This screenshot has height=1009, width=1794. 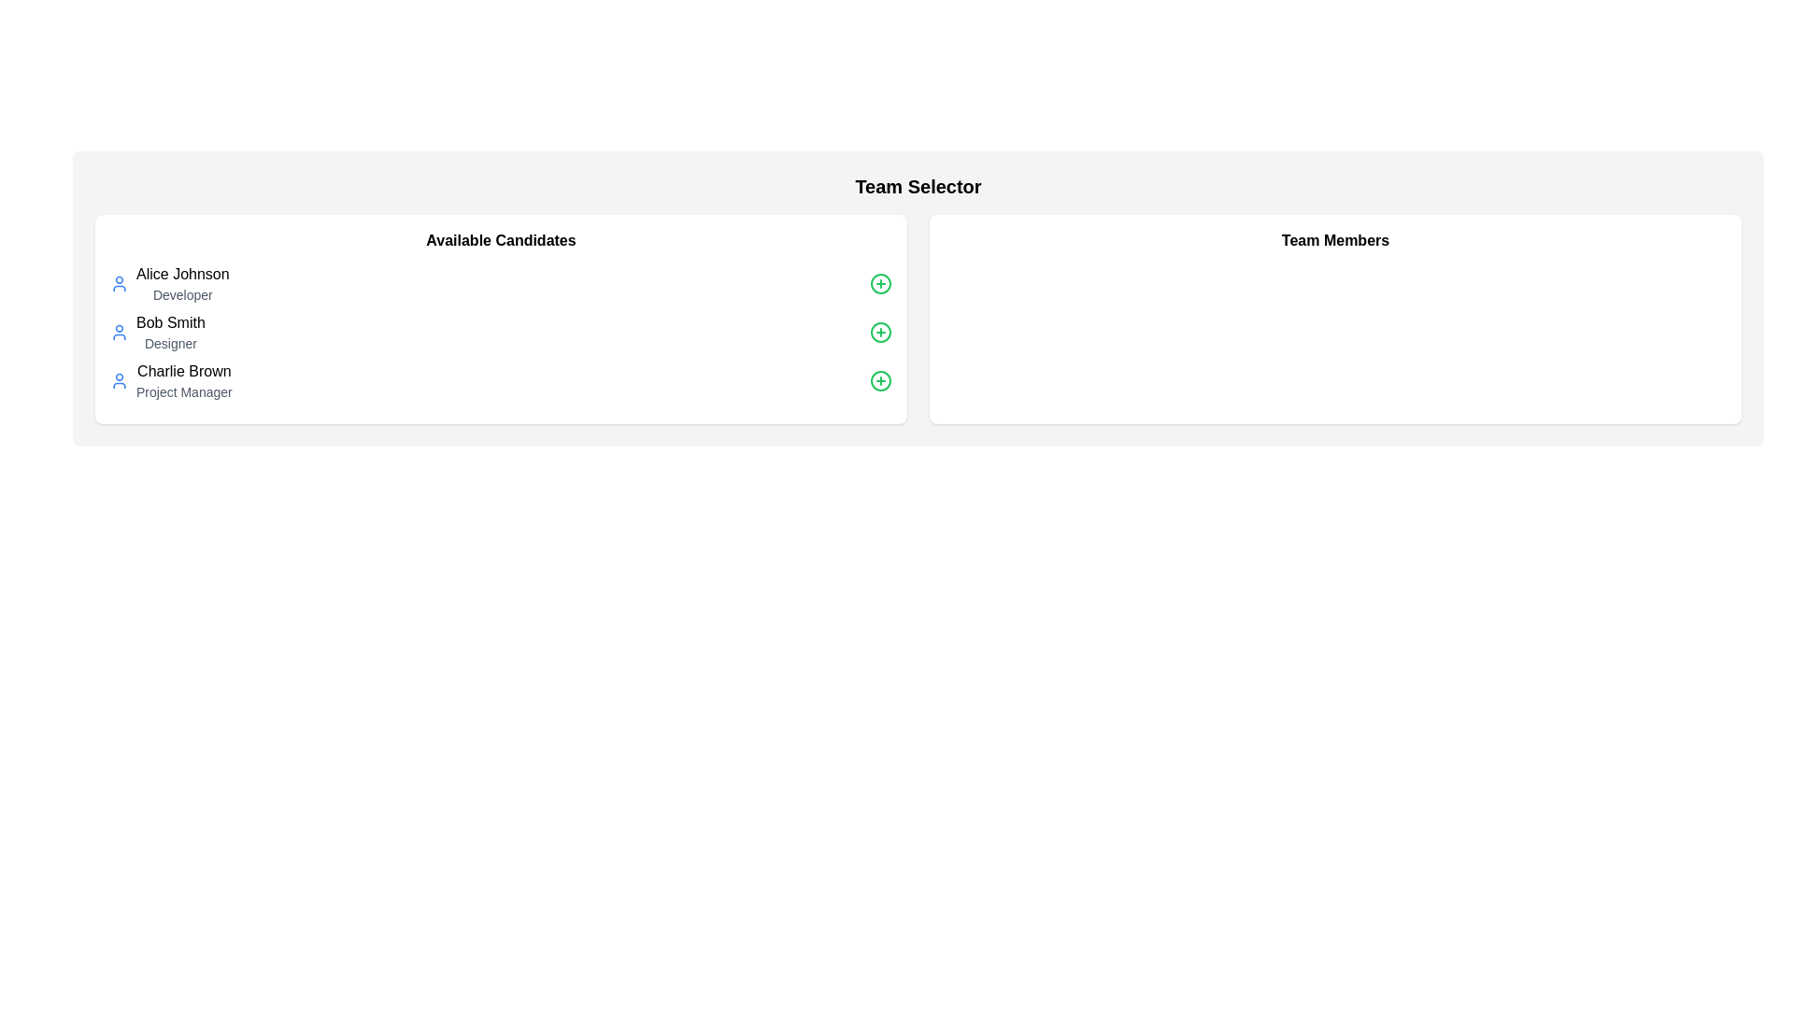 What do you see at coordinates (184, 380) in the screenshot?
I see `the text label displaying 'Charlie Brown' with the role description 'Project Manager', which is the third item in the 'Available Candidates' list on the left side of the interface` at bounding box center [184, 380].